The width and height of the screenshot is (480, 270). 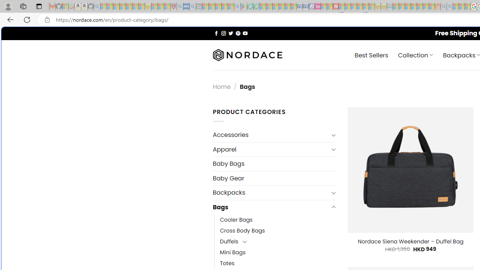 I want to click on 'Follow on Pinterest', so click(x=237, y=33).